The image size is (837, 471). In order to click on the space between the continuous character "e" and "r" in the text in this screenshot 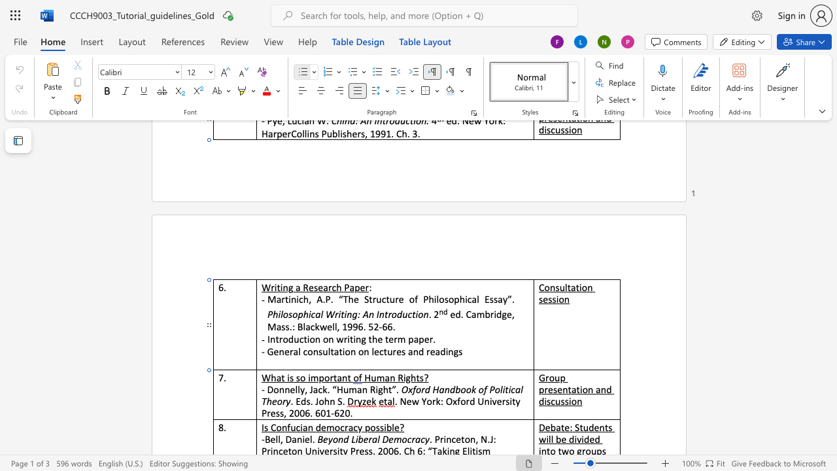, I will do `click(364, 287)`.